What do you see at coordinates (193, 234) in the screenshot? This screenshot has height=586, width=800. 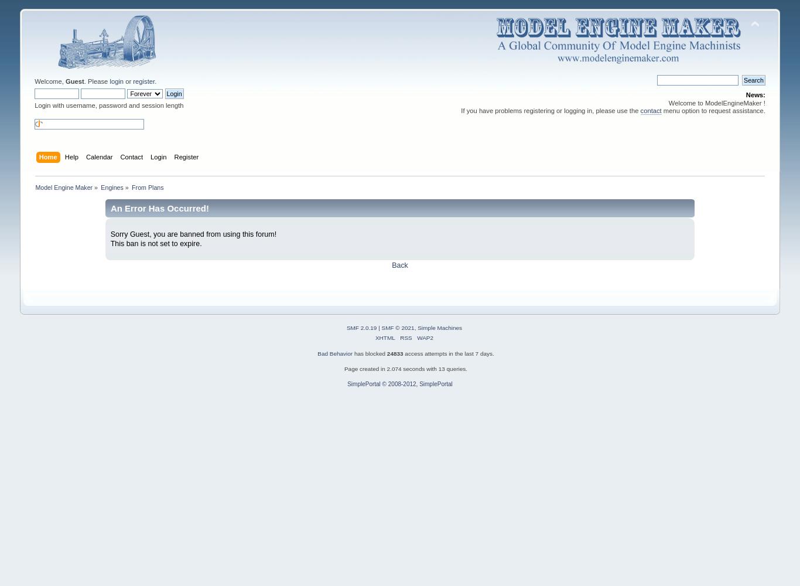 I see `'Sorry Guest, you are banned from using this forum!'` at bounding box center [193, 234].